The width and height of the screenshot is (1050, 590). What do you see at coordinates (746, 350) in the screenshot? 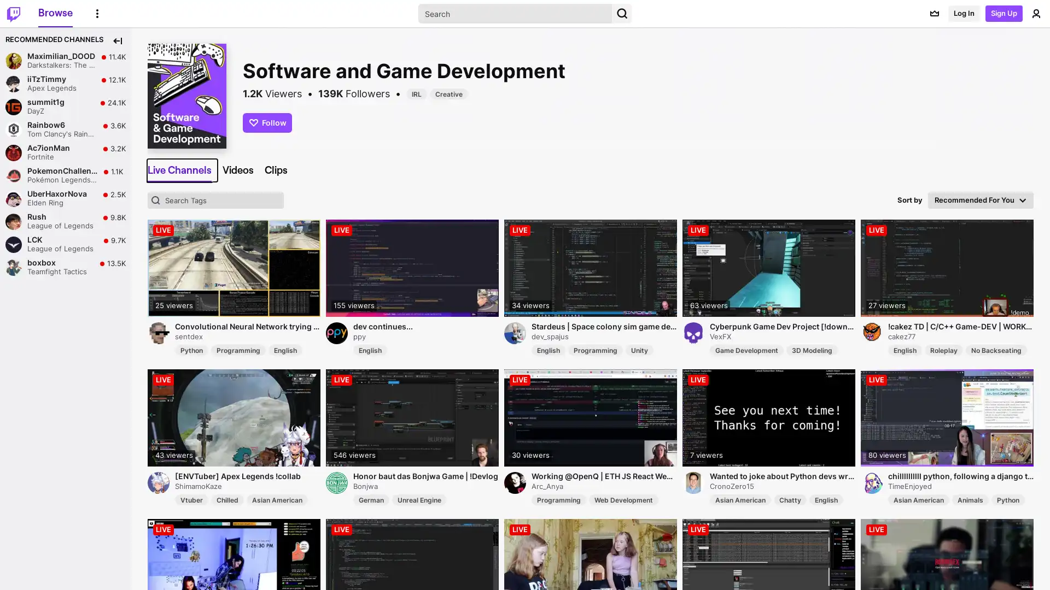
I see `Game Development` at bounding box center [746, 350].